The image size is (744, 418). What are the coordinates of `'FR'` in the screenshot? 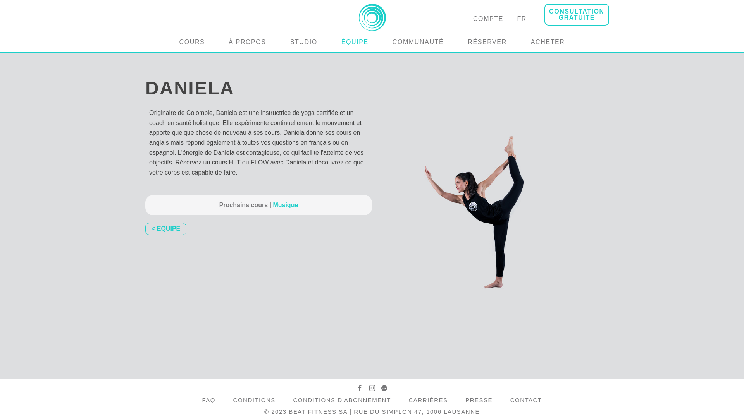 It's located at (522, 19).